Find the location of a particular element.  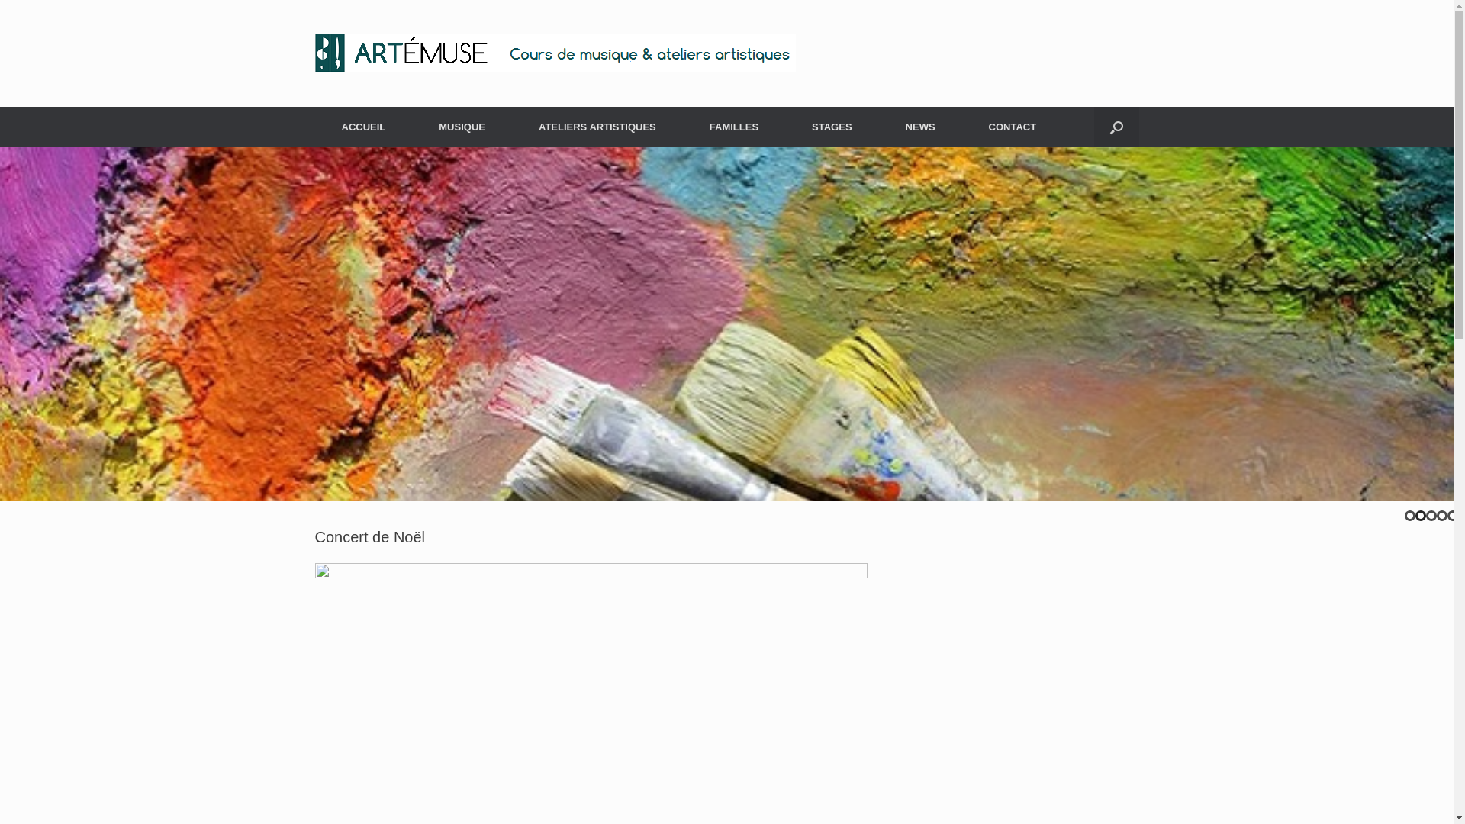

'ACCUEIL' is located at coordinates (362, 126).